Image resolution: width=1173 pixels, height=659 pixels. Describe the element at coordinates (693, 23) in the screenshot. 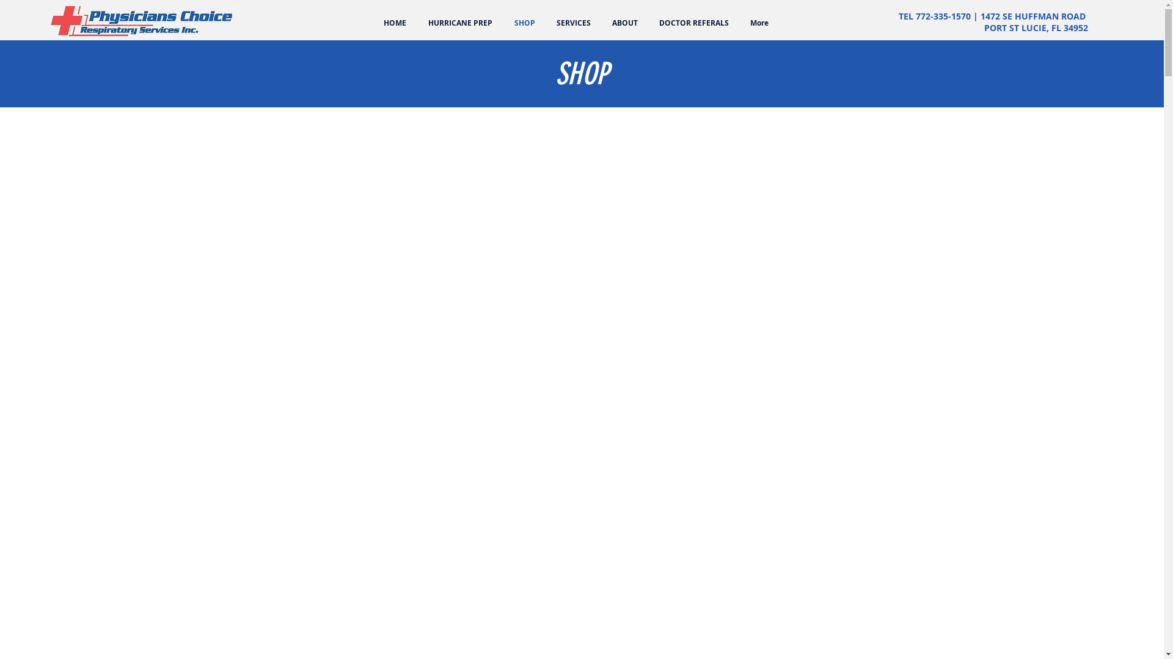

I see `'DOCTOR REFERALS'` at that location.